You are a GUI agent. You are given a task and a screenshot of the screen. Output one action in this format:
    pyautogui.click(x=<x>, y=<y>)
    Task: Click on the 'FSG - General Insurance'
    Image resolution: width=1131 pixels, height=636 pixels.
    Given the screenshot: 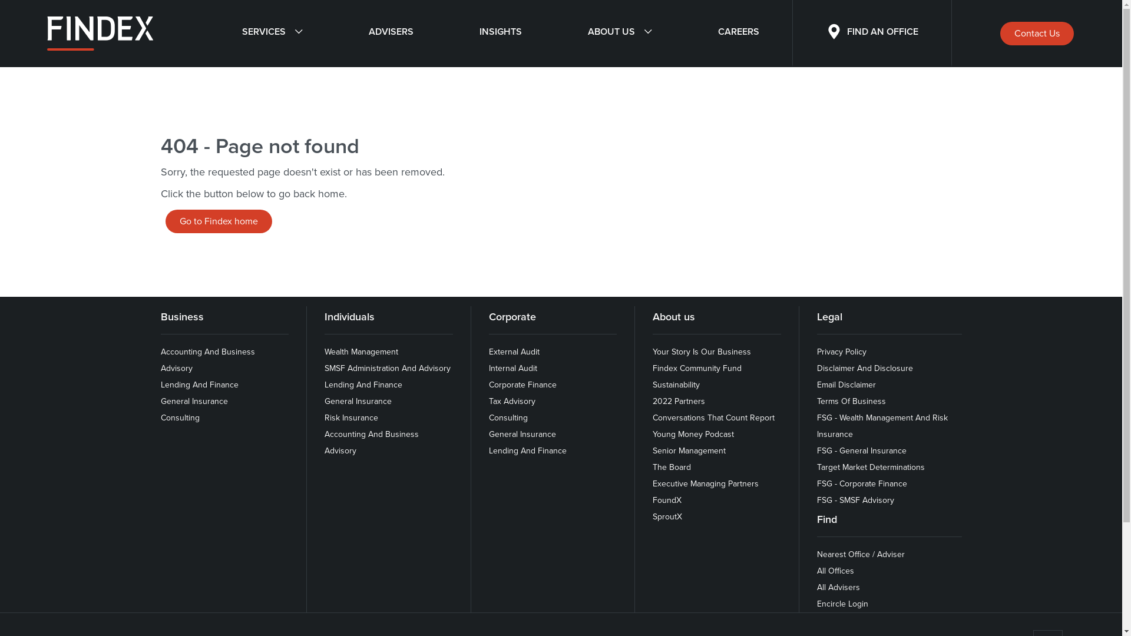 What is the action you would take?
    pyautogui.click(x=816, y=450)
    